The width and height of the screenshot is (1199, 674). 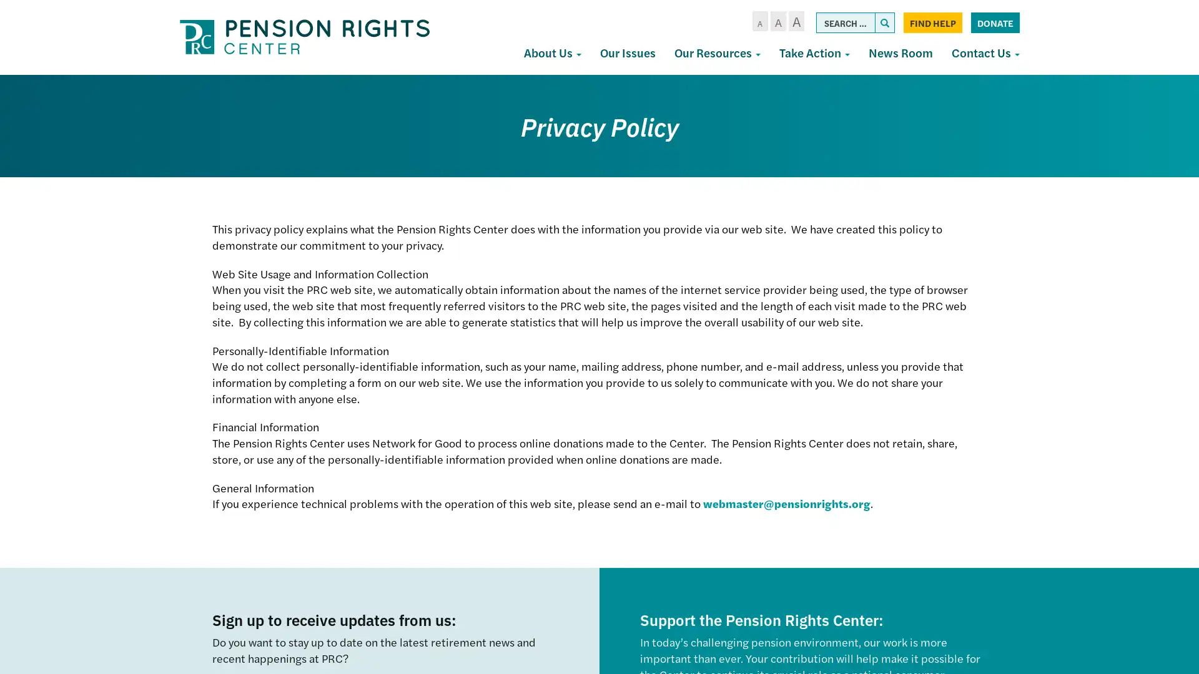 What do you see at coordinates (777, 21) in the screenshot?
I see `A` at bounding box center [777, 21].